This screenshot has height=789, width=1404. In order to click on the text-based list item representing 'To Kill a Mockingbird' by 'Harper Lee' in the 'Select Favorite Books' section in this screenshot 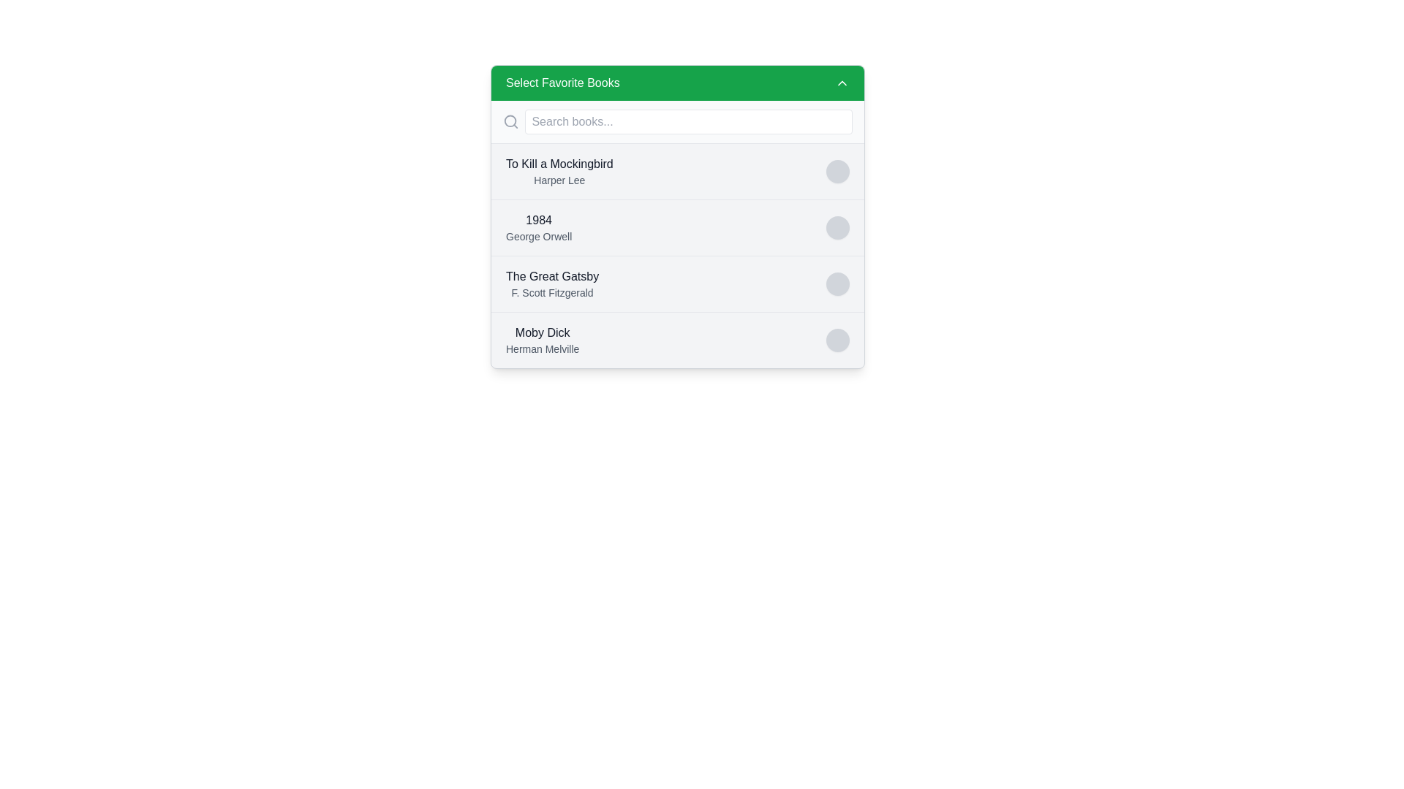, I will do `click(559, 171)`.